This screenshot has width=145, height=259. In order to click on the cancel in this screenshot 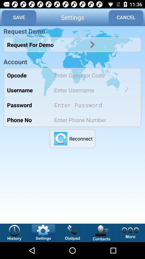, I will do `click(126, 17)`.